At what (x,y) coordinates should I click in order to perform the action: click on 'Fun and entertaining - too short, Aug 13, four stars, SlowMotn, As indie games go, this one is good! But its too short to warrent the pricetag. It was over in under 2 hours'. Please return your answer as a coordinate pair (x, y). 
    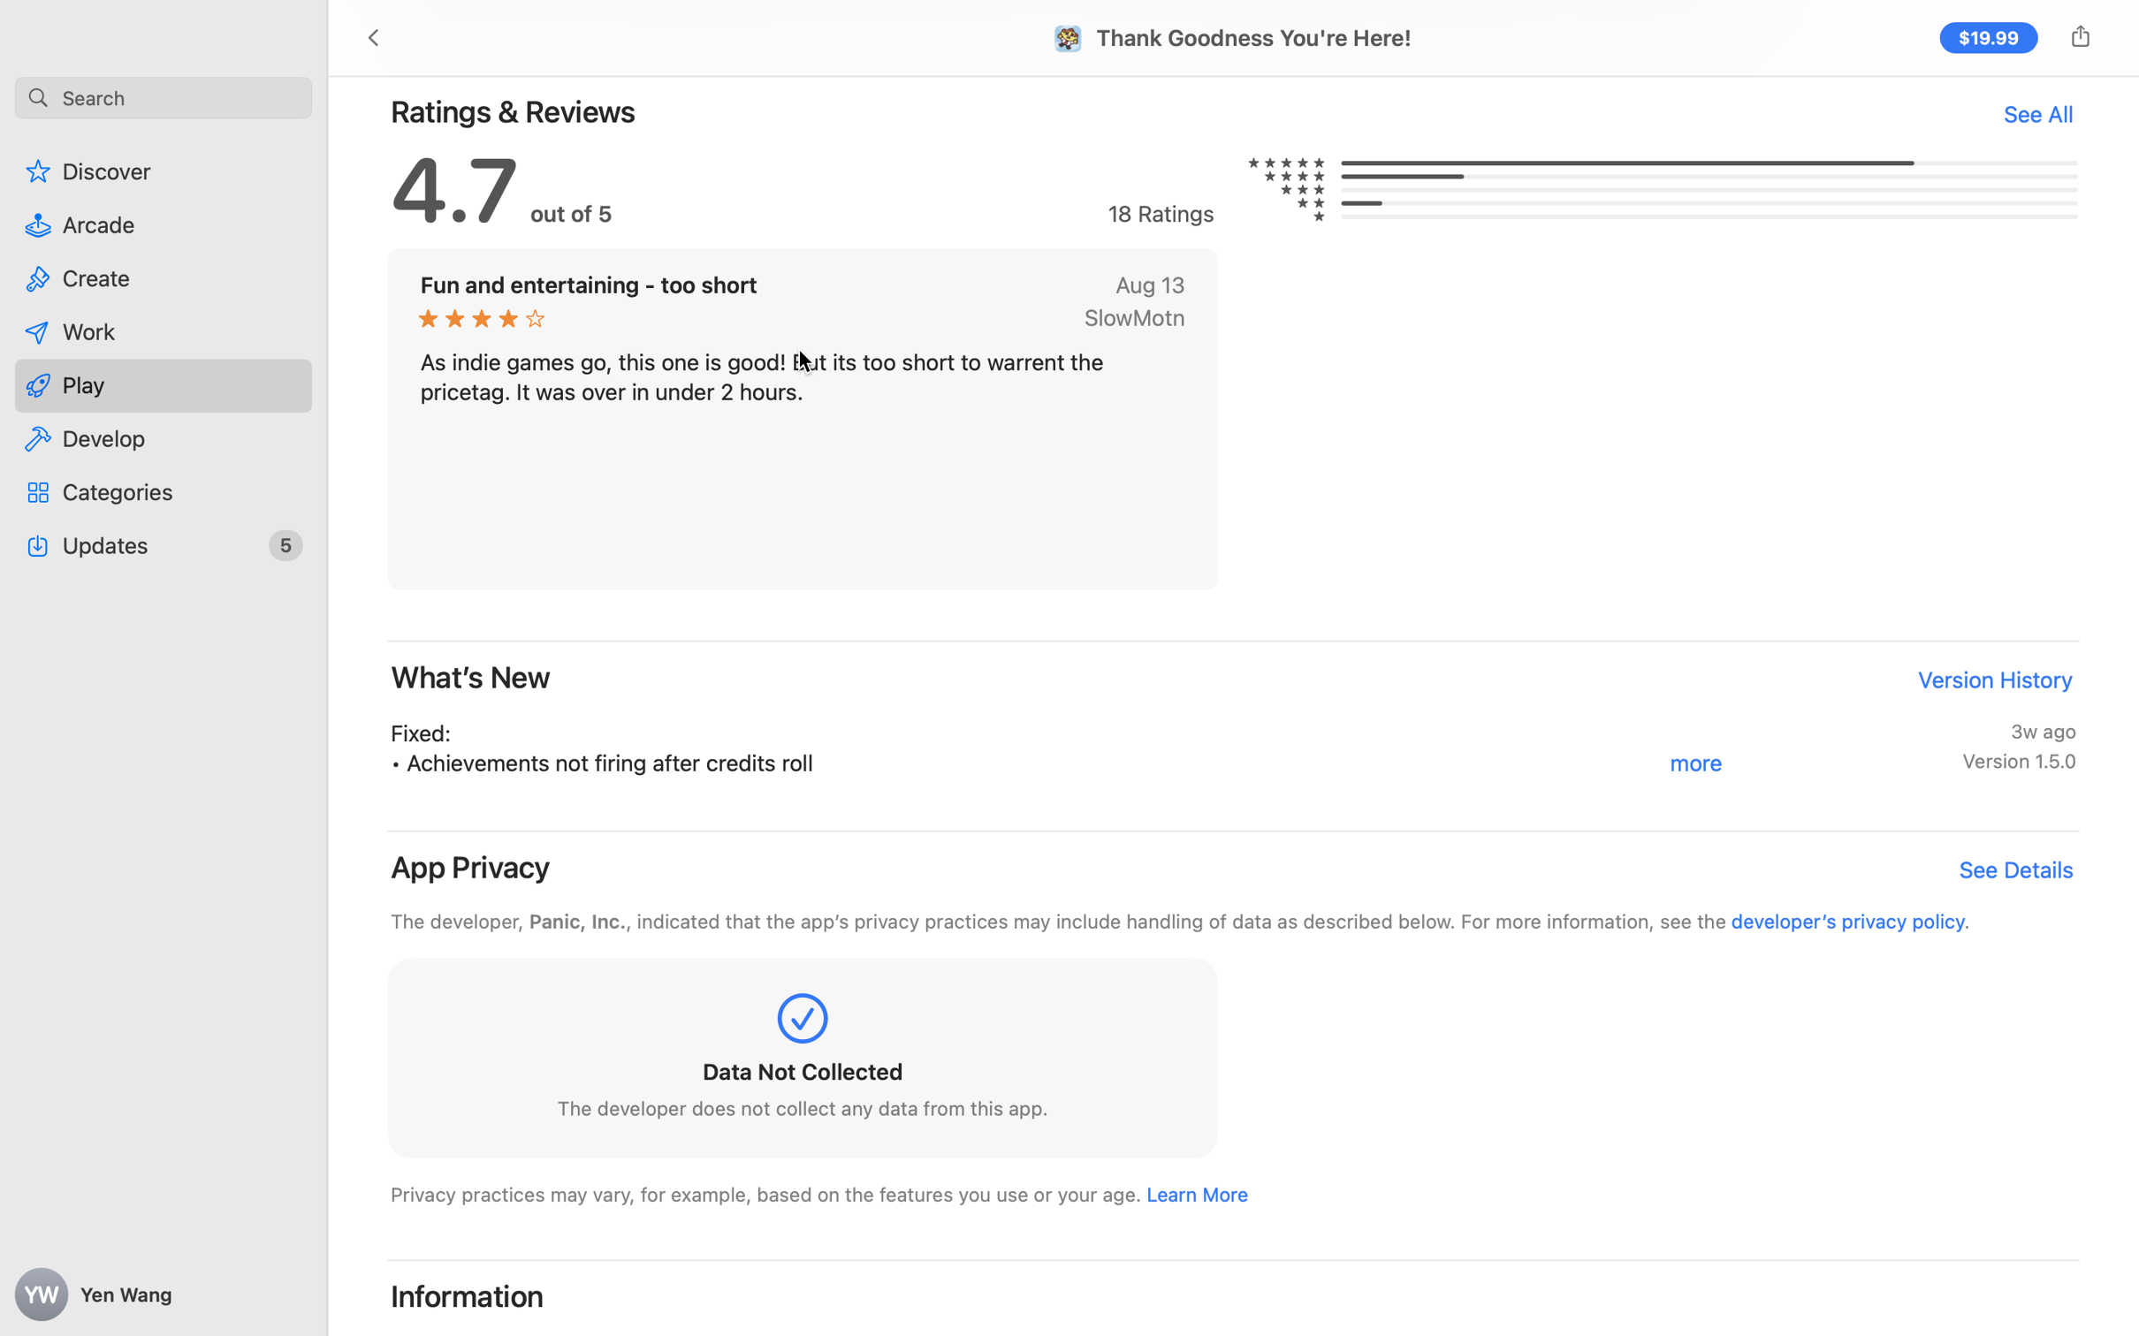
    Looking at the image, I should click on (802, 418).